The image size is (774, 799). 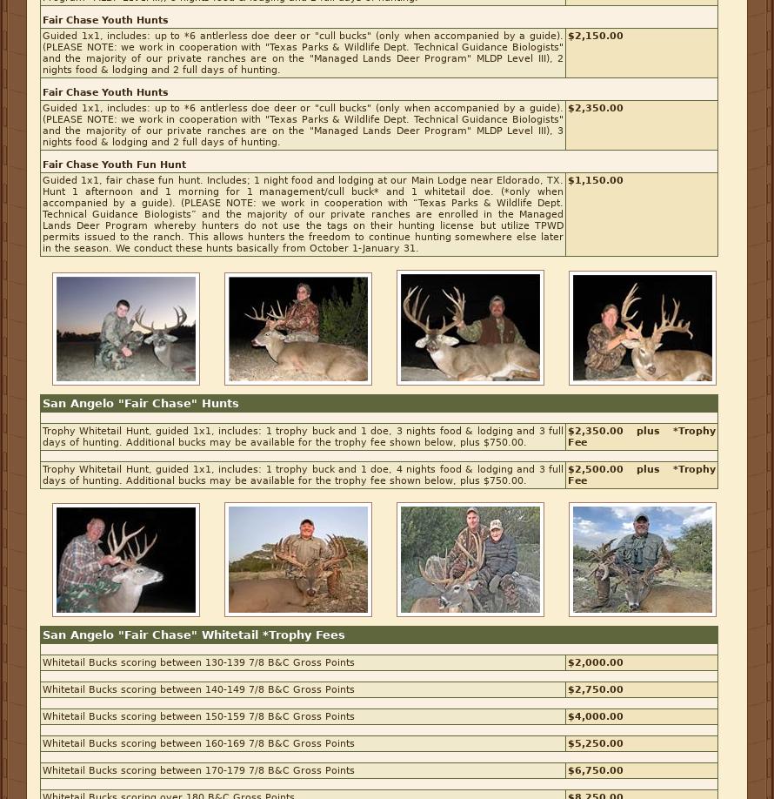 What do you see at coordinates (140, 403) in the screenshot?
I see `'San Angelo "Fair Chase" Hunts'` at bounding box center [140, 403].